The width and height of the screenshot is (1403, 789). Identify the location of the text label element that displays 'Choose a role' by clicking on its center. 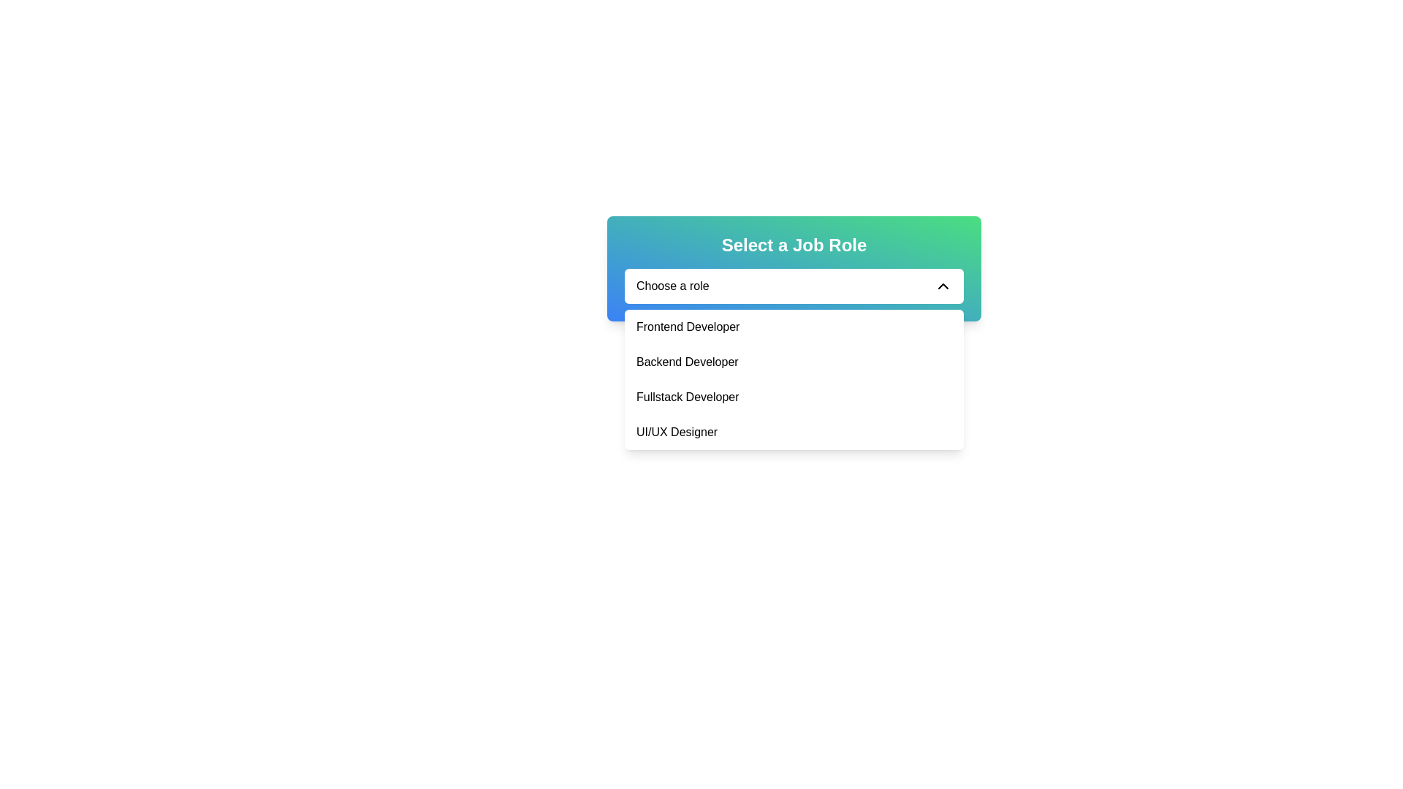
(672, 286).